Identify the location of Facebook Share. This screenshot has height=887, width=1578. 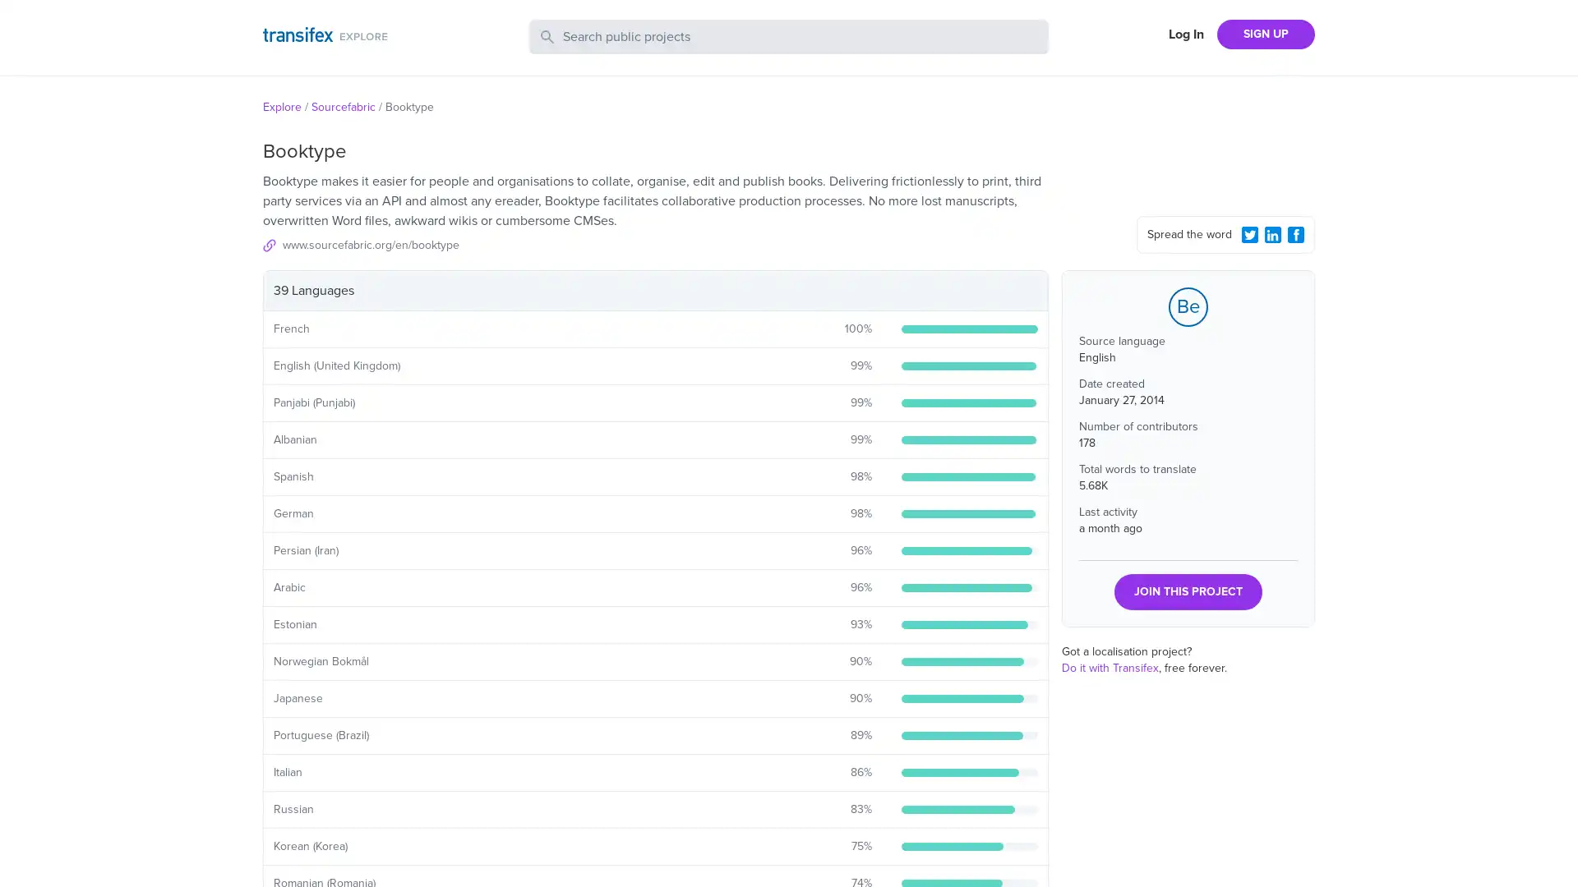
(1295, 234).